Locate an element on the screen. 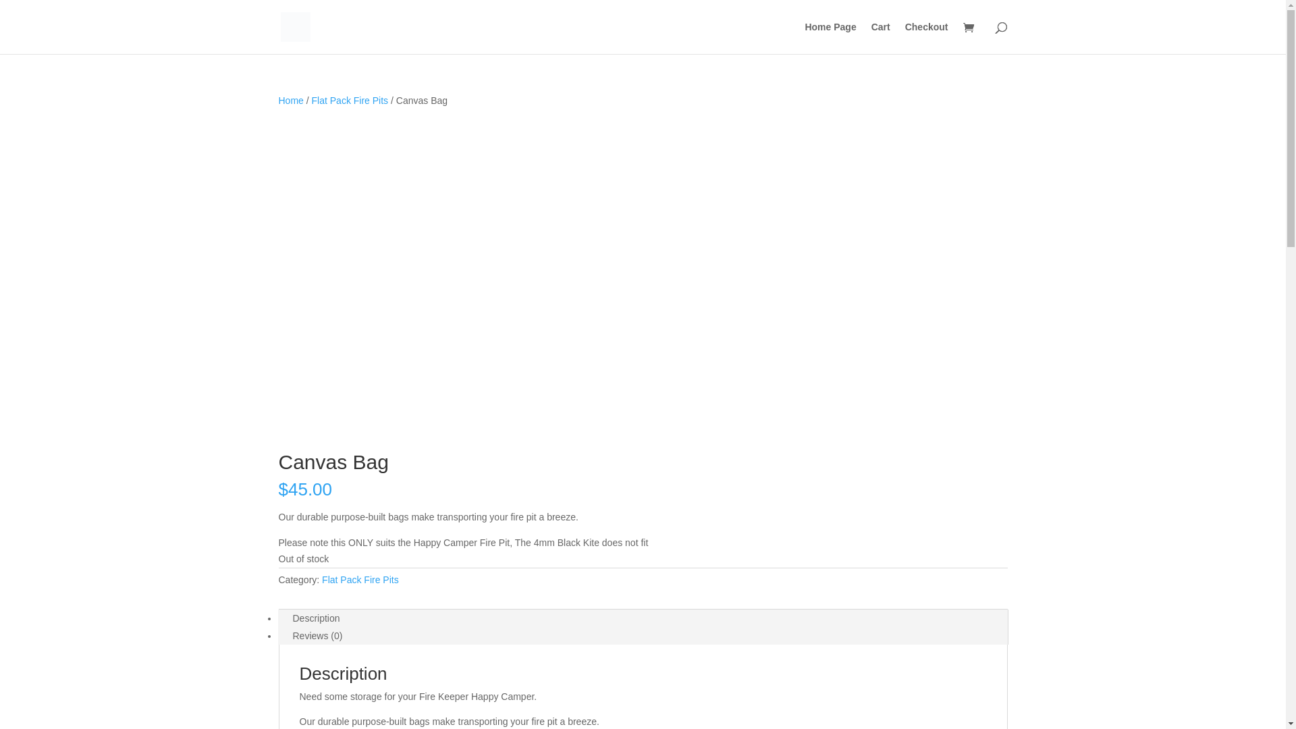  'Flat Pack Fire Pits' is located at coordinates (321, 579).